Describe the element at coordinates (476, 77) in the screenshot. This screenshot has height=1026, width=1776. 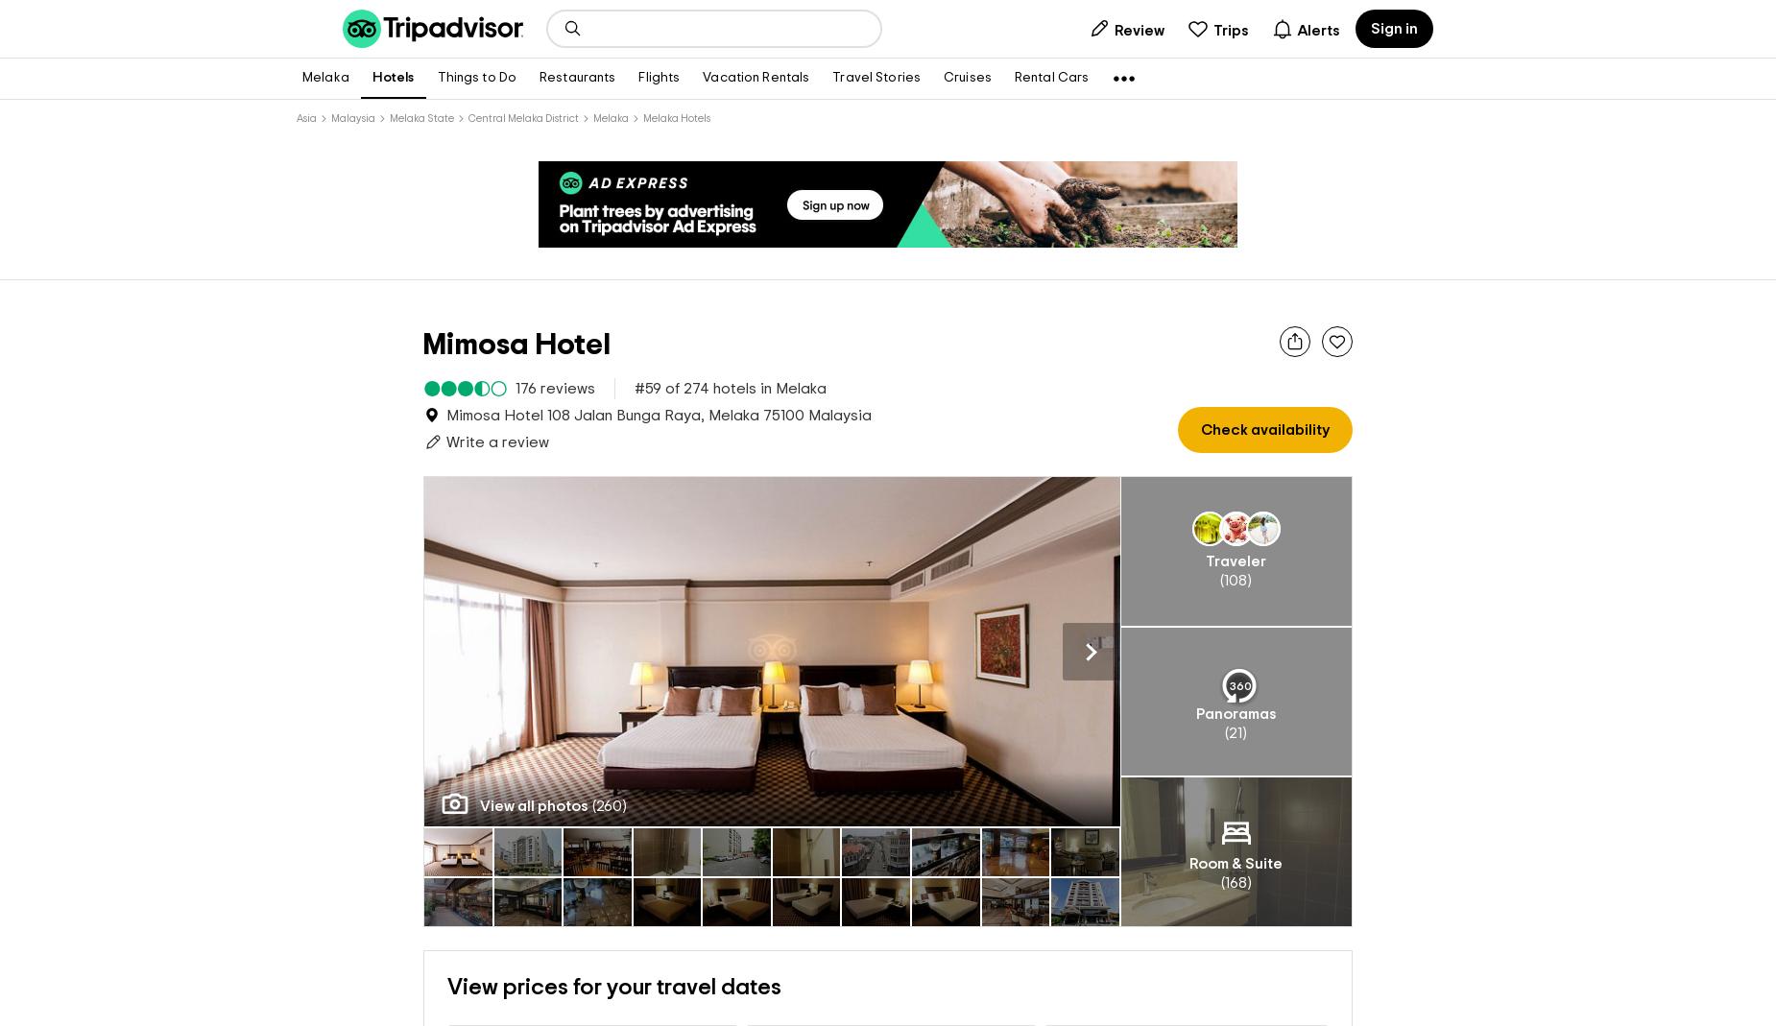
I see `'Things to Do'` at that location.